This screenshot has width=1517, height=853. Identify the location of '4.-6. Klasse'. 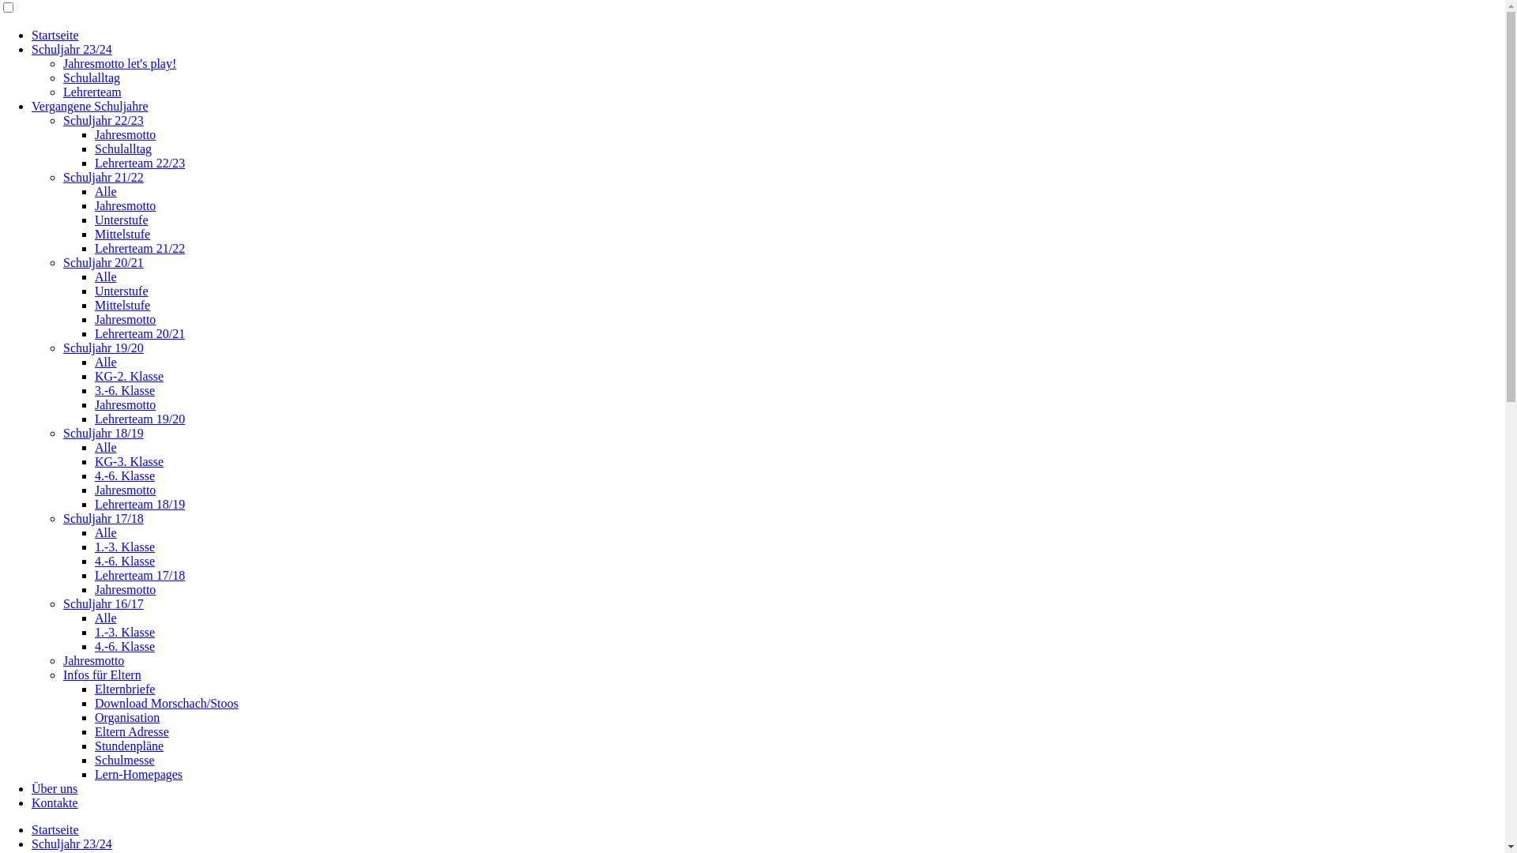
(94, 646).